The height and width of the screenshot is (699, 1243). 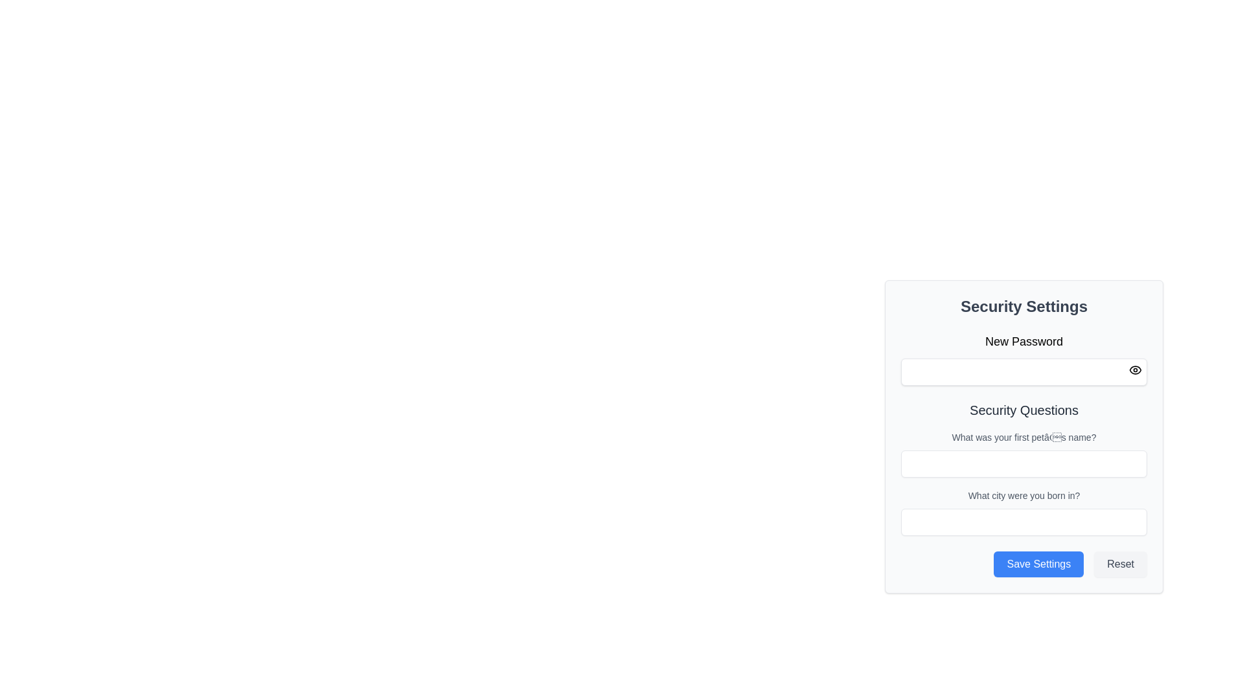 I want to click on the 'Security Questions' text label, which is a prominent heading styled in dark gray, positioned within the security configuration panel, so click(x=1024, y=410).